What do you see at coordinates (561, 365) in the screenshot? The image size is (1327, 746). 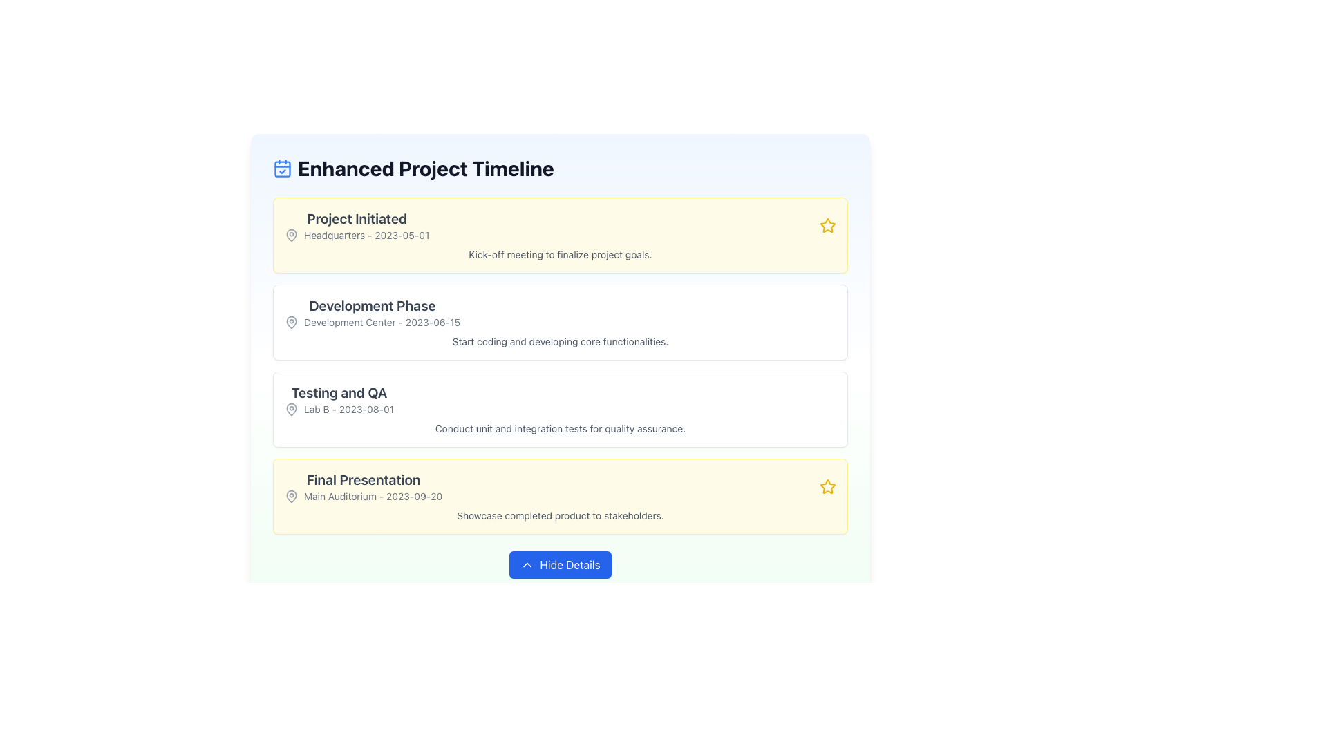 I see `information displayed on the structured informational card positioned centrally in the content area, specifically the second milestone card below 'Project Initiated' and above 'Testing and QA'` at bounding box center [561, 365].